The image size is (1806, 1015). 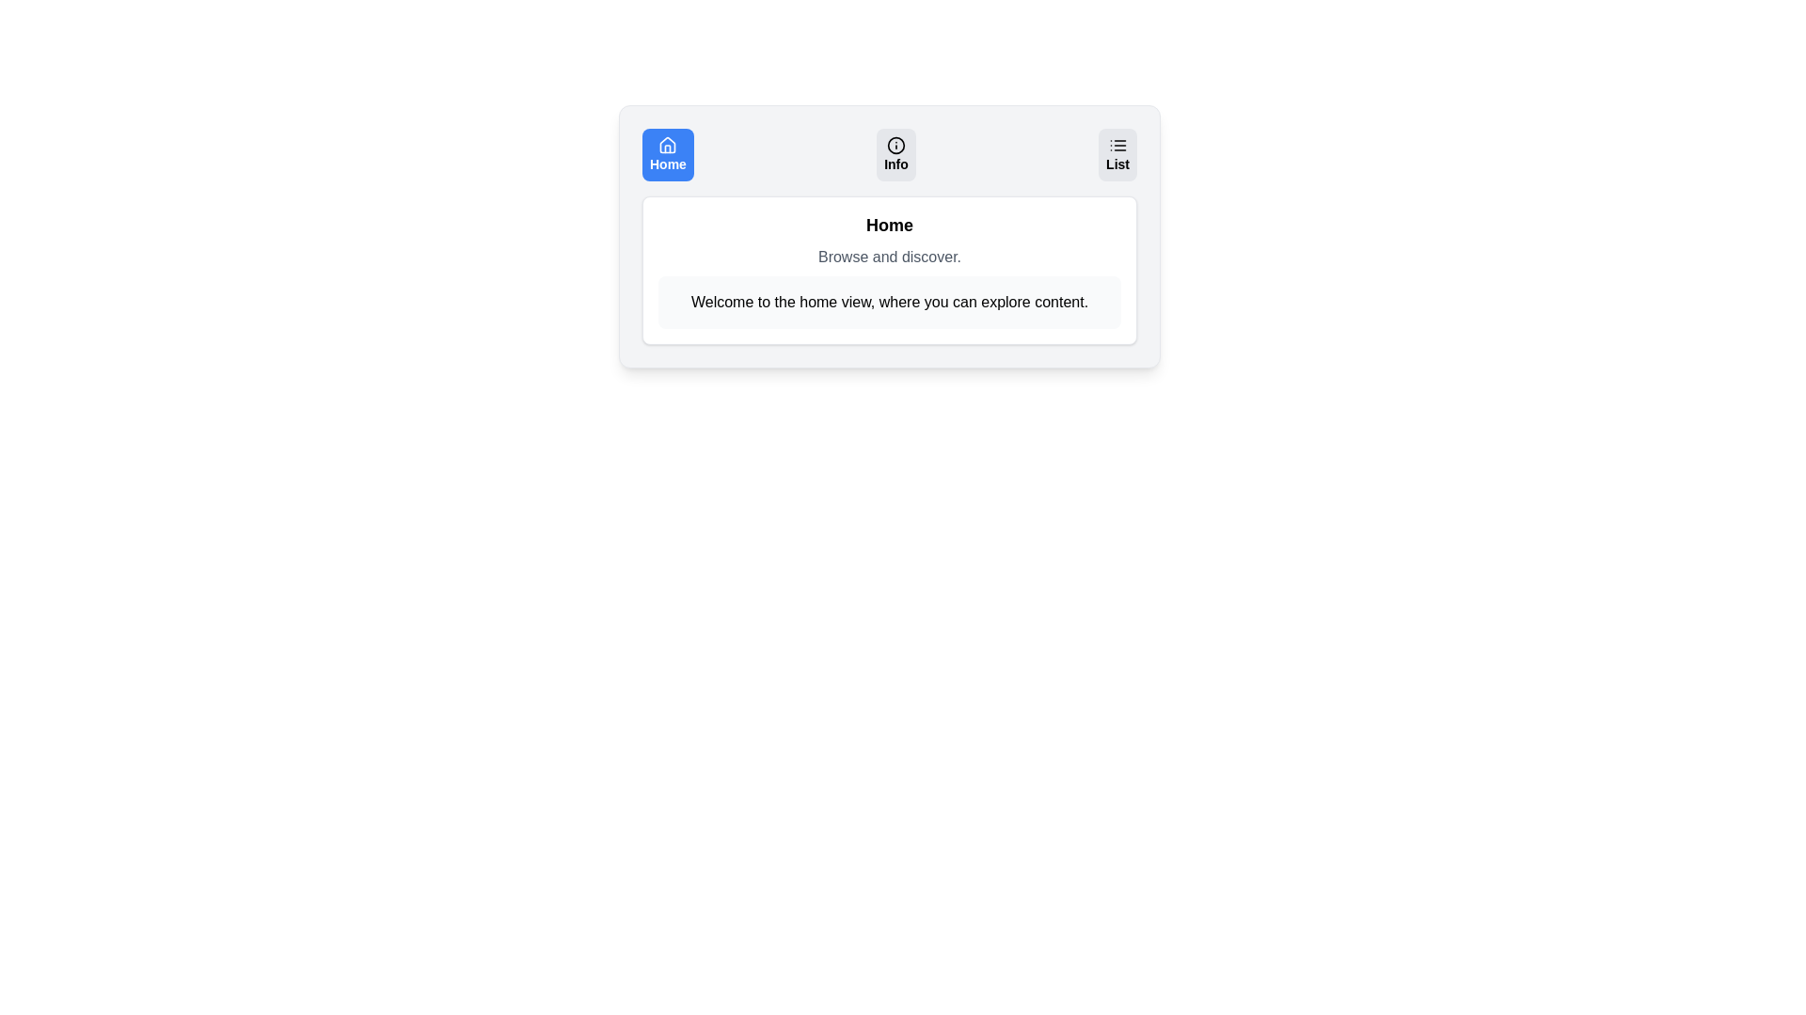 I want to click on the List tab, so click(x=1117, y=154).